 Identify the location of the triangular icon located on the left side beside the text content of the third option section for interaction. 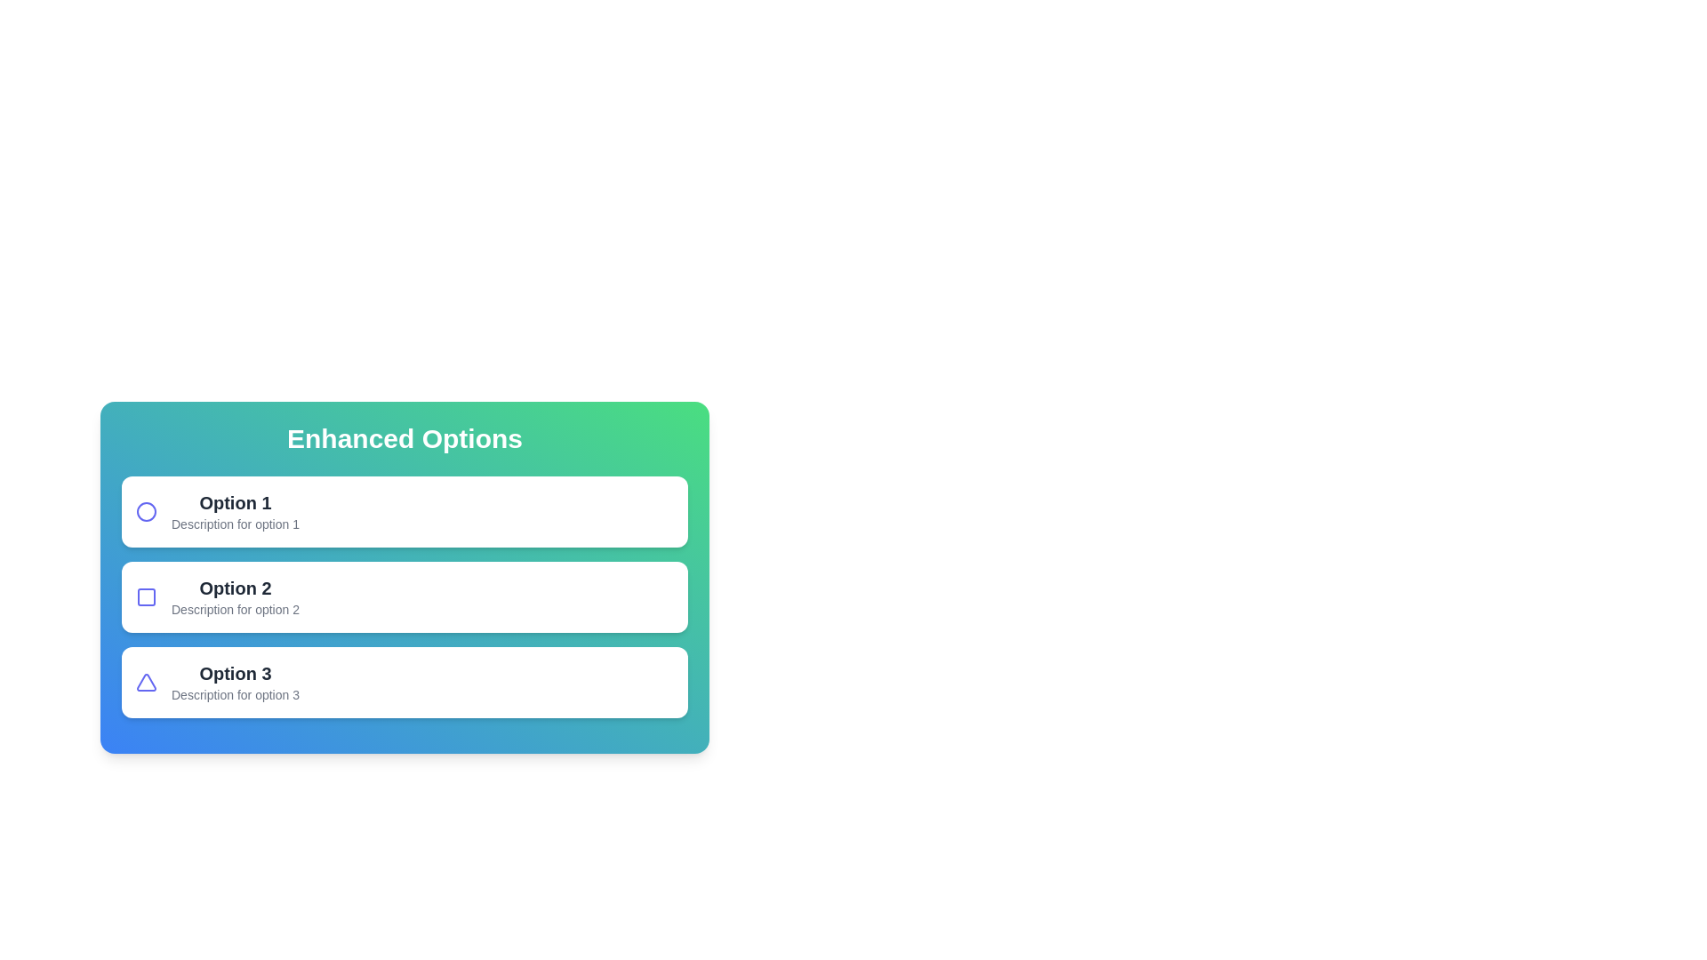
(146, 681).